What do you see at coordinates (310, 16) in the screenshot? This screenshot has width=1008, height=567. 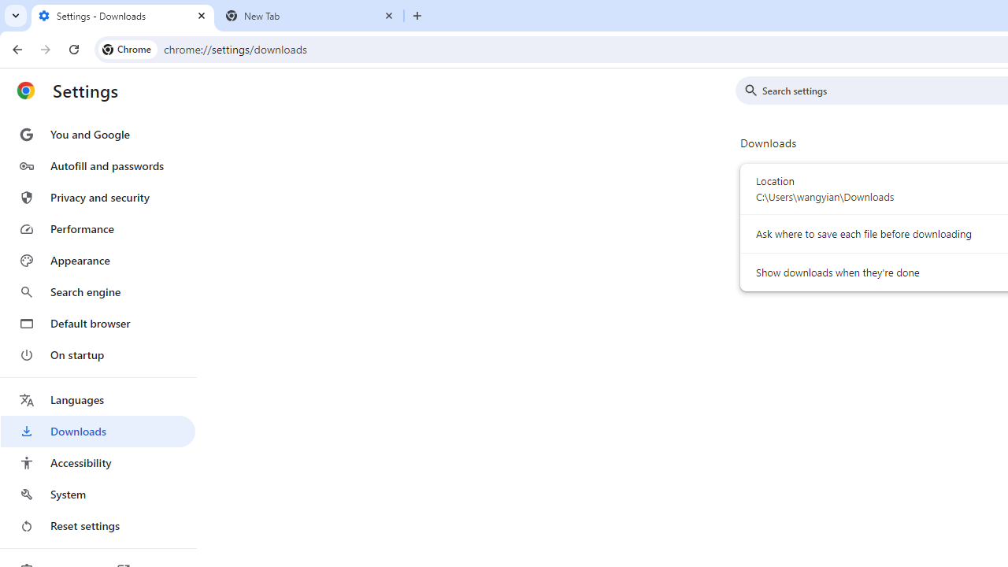 I see `'New Tab'` at bounding box center [310, 16].